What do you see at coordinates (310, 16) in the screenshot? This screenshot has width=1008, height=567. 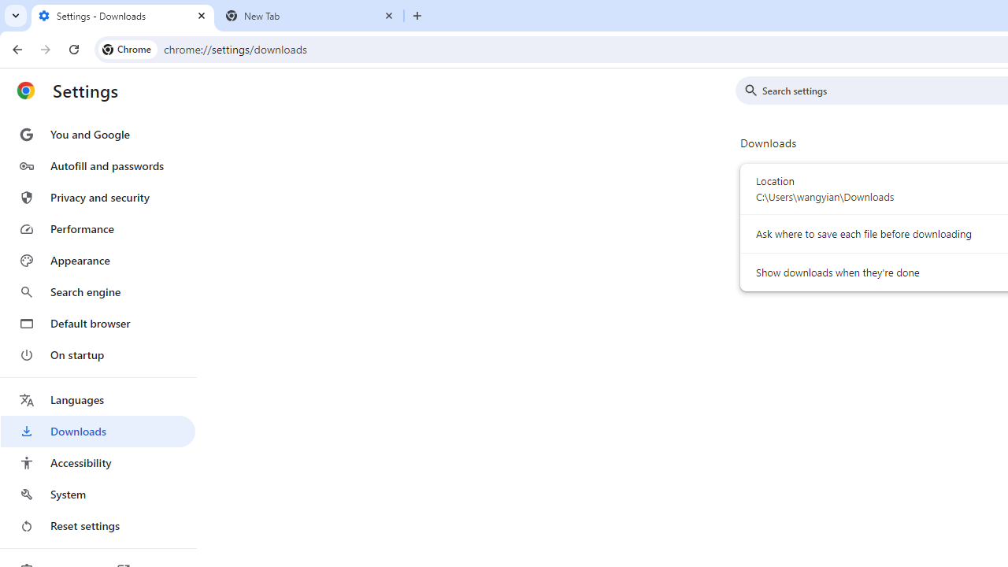 I see `'New Tab'` at bounding box center [310, 16].